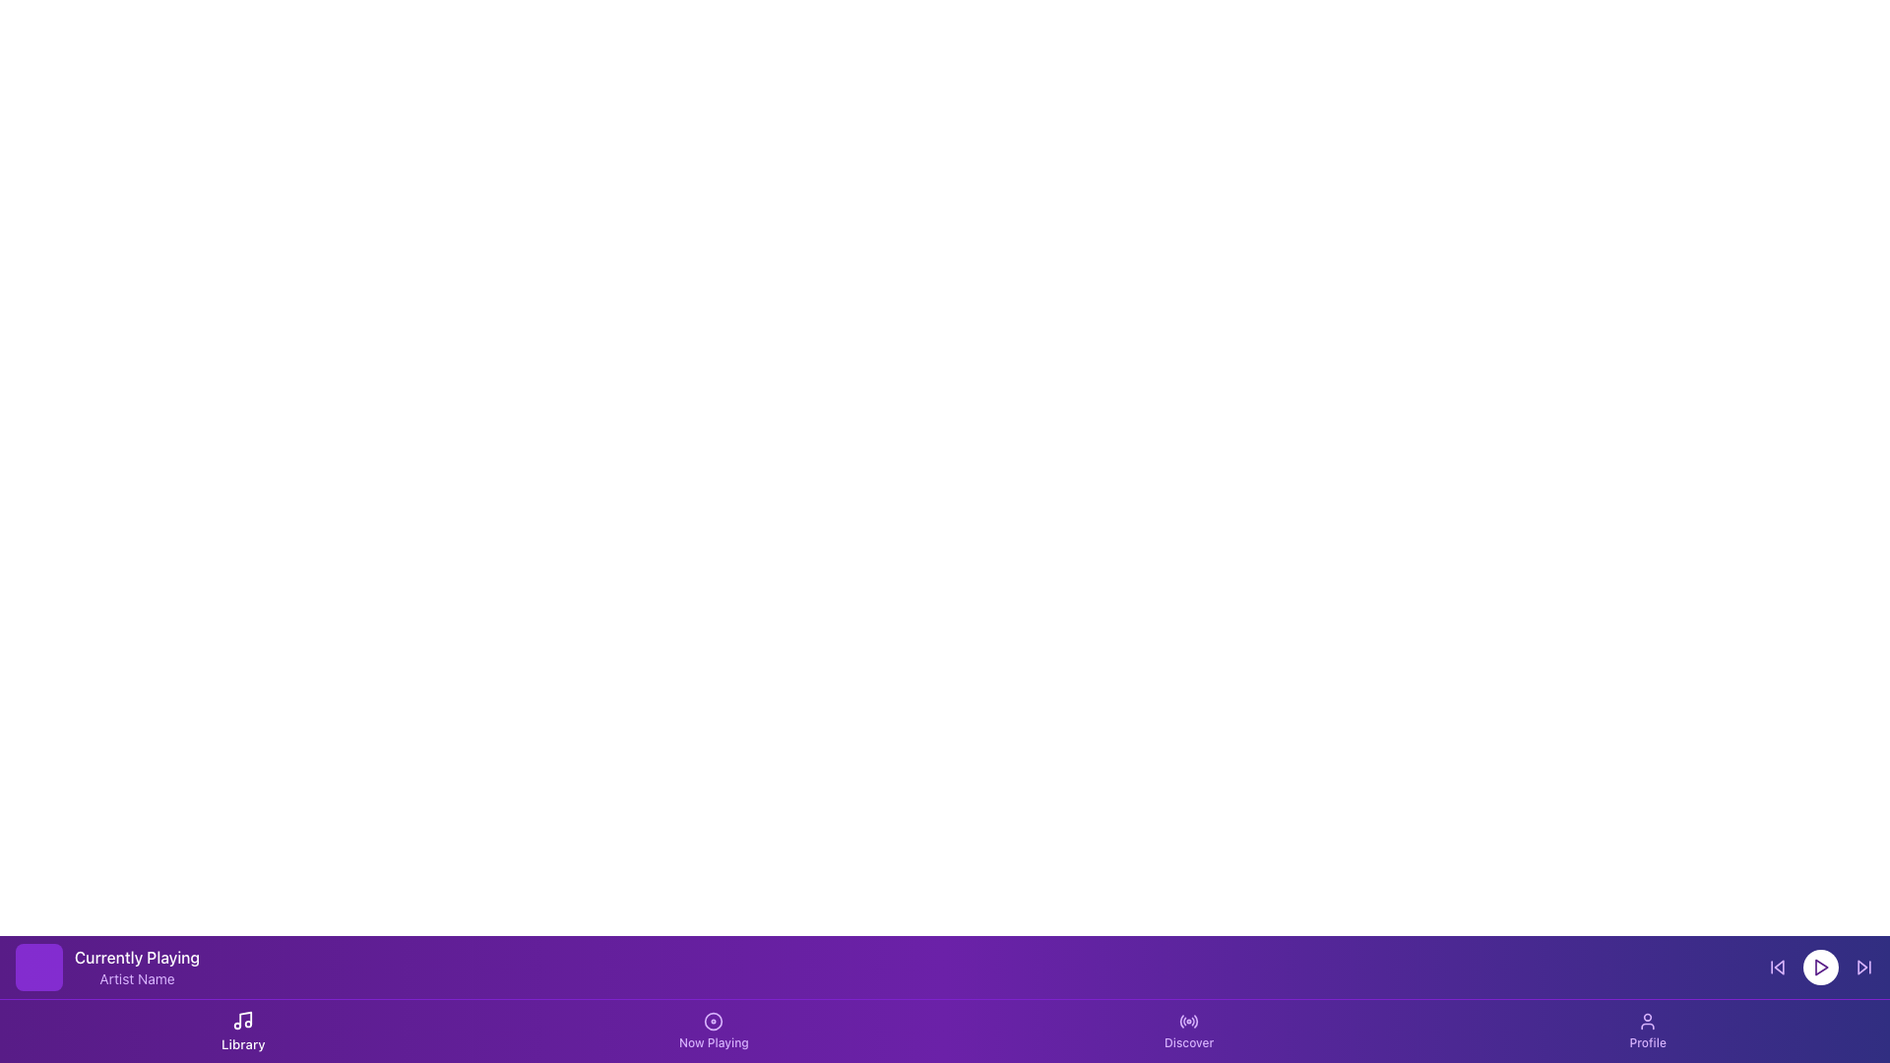  Describe the element at coordinates (1188, 1031) in the screenshot. I see `the 'Discover' navigation button located in the bottom horizontal navigation bar, which is the third button from the left` at that location.